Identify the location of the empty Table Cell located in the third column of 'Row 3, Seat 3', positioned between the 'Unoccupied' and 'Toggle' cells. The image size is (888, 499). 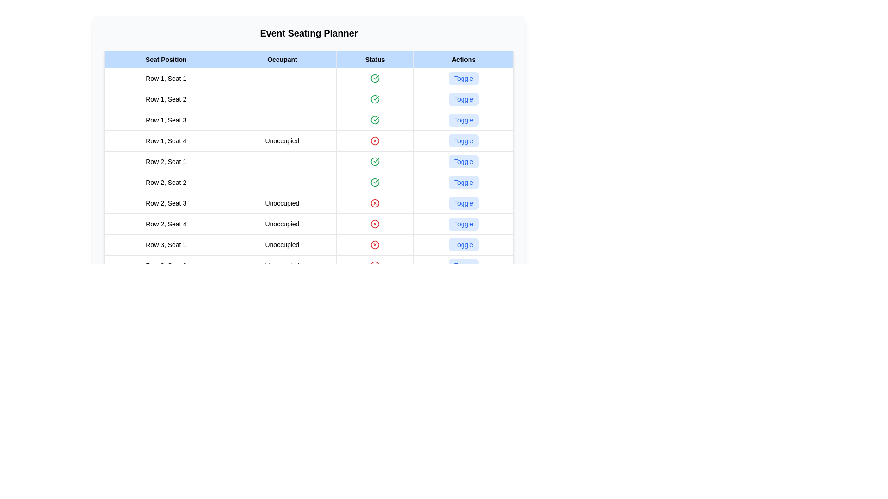
(375, 286).